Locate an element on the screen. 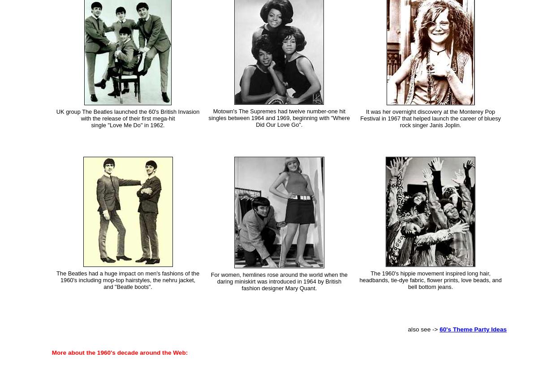 The height and width of the screenshot is (374, 560). 'Motown's The Supremes had twelve number-one hit singles between 1964 and 1969, beginning with "Where Did Our Love Go".' is located at coordinates (279, 117).